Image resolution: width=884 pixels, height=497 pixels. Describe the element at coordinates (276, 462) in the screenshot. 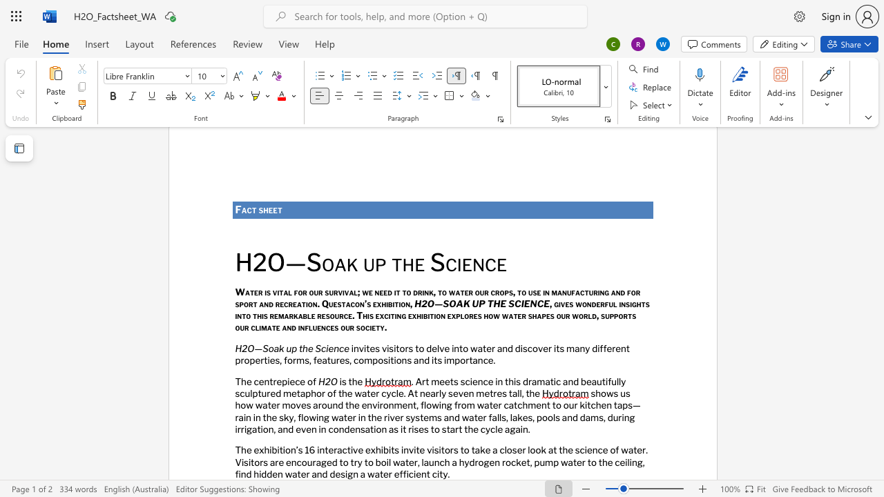

I see `the 6th character "r" in the text` at that location.